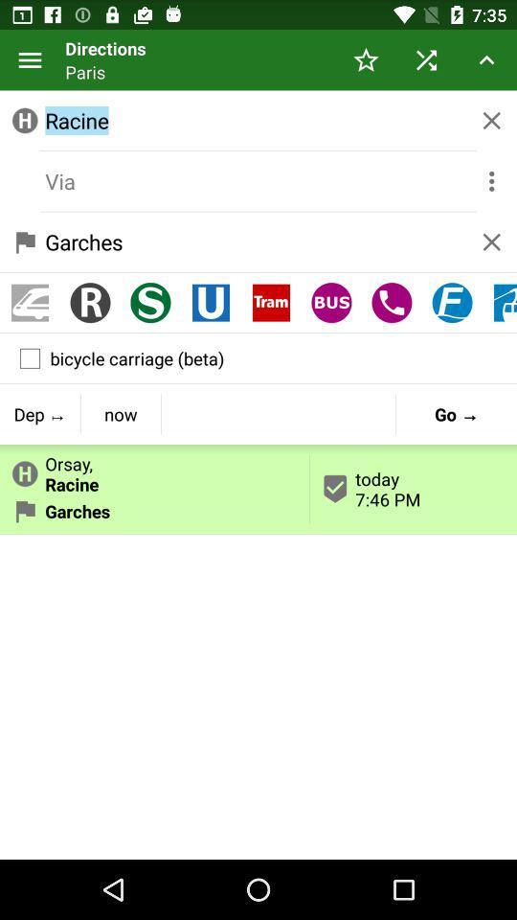 The width and height of the screenshot is (517, 920). What do you see at coordinates (413, 488) in the screenshot?
I see `the icon to the right of orsay,` at bounding box center [413, 488].